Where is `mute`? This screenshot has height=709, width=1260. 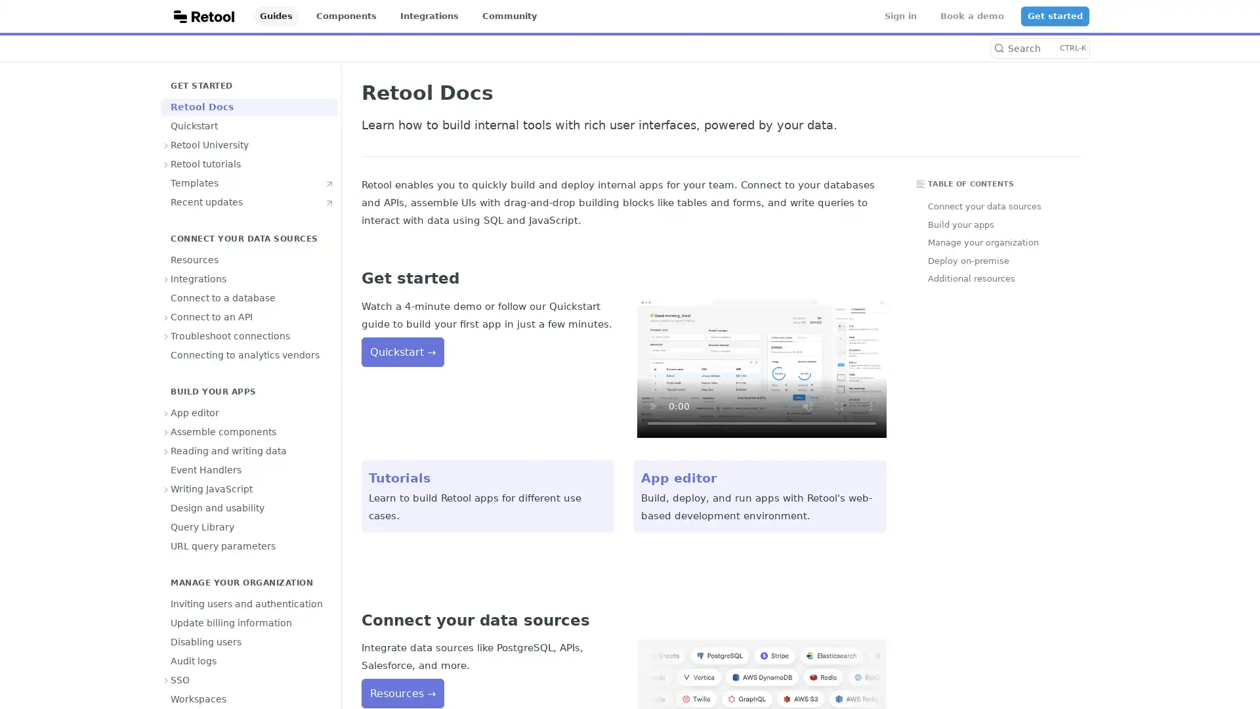 mute is located at coordinates (807, 405).